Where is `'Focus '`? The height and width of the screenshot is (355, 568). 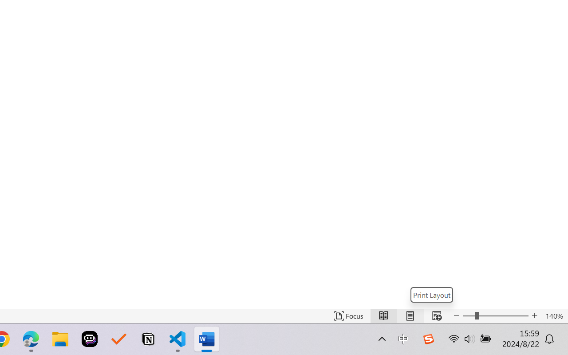
'Focus ' is located at coordinates (348, 316).